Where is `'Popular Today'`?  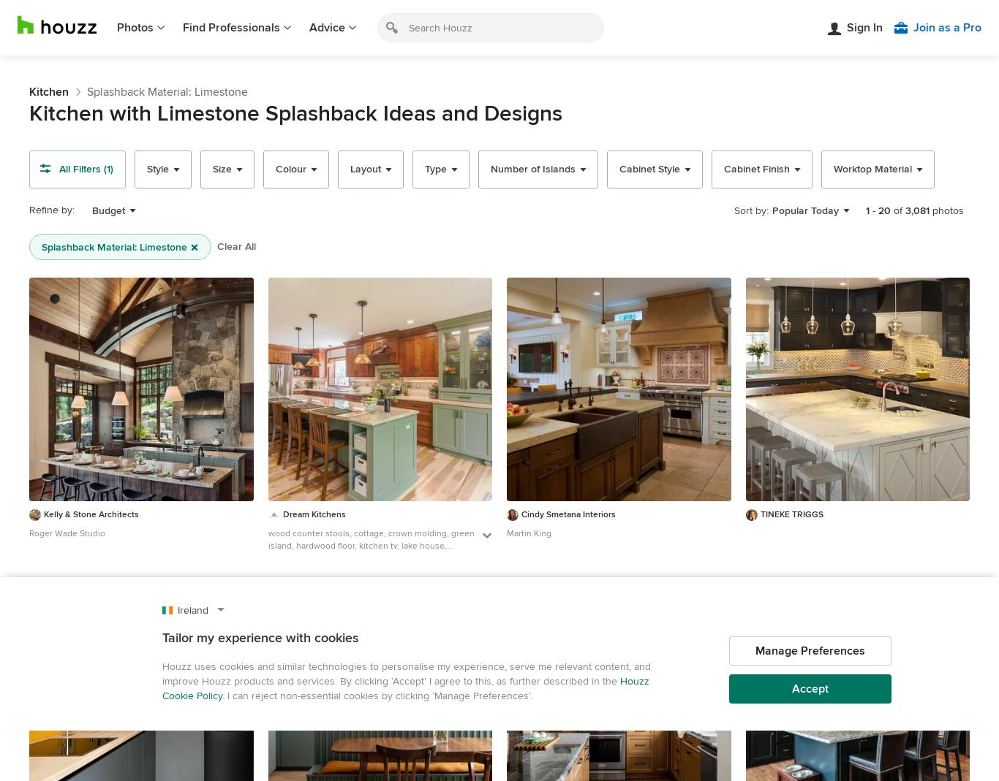 'Popular Today' is located at coordinates (772, 209).